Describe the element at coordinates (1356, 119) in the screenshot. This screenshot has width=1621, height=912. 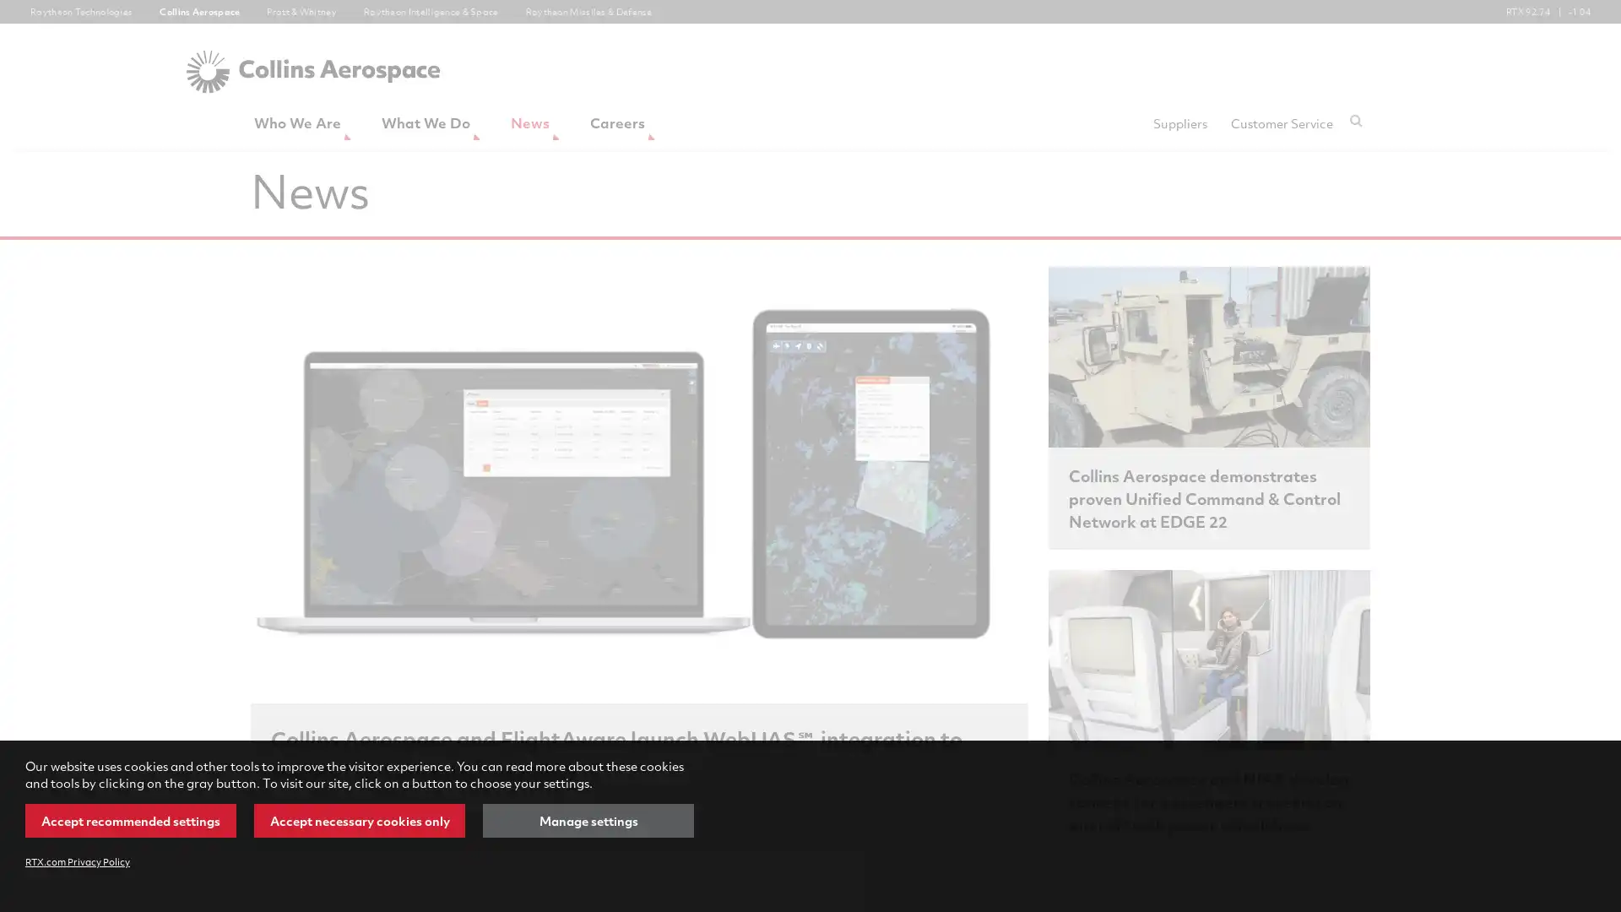
I see `Submit search request` at that location.